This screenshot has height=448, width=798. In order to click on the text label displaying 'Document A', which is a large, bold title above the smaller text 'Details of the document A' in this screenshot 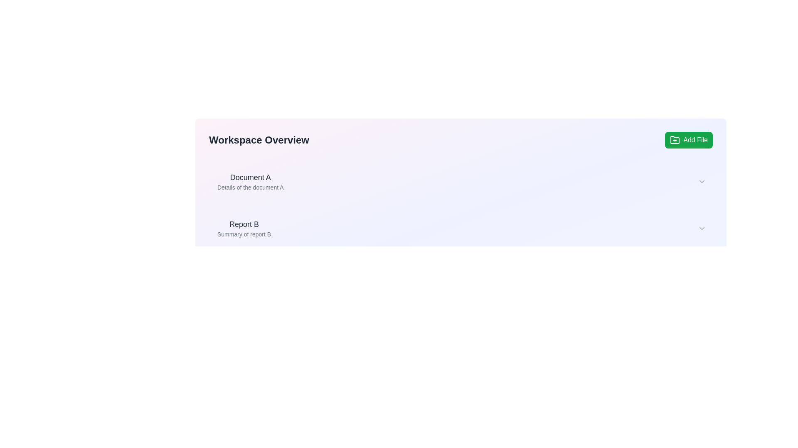, I will do `click(250, 177)`.